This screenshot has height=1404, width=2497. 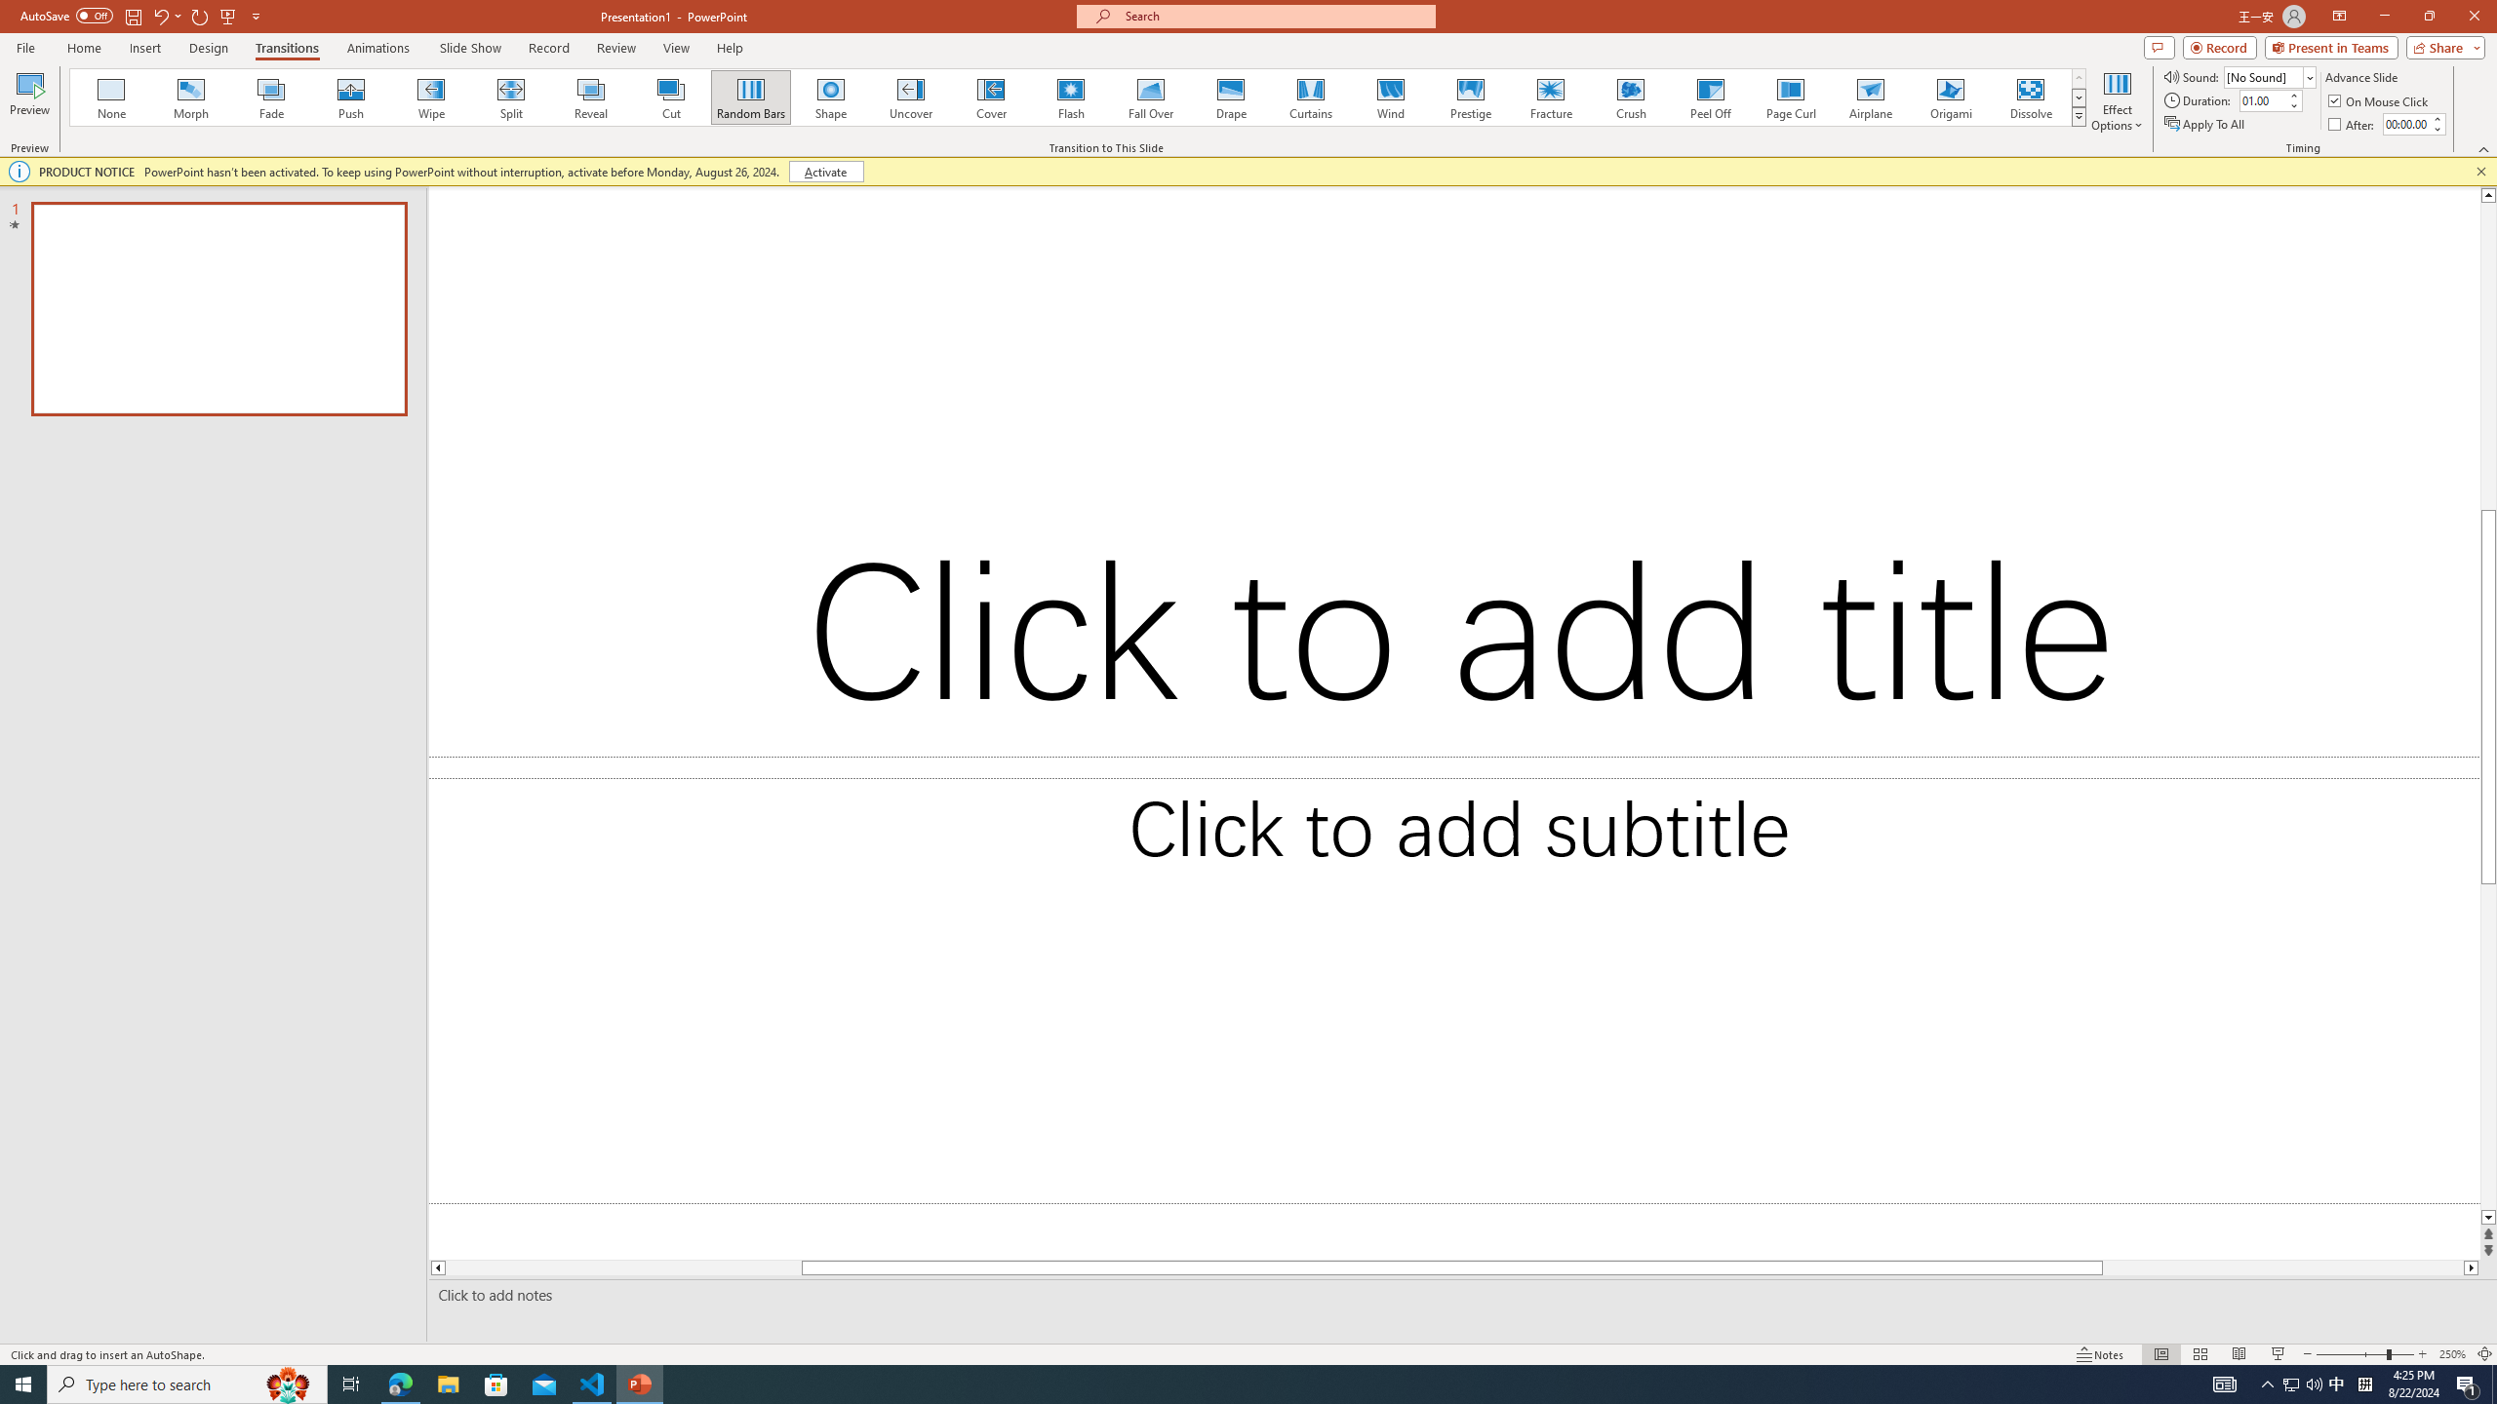 What do you see at coordinates (2453, 1354) in the screenshot?
I see `'Zoom 250%'` at bounding box center [2453, 1354].